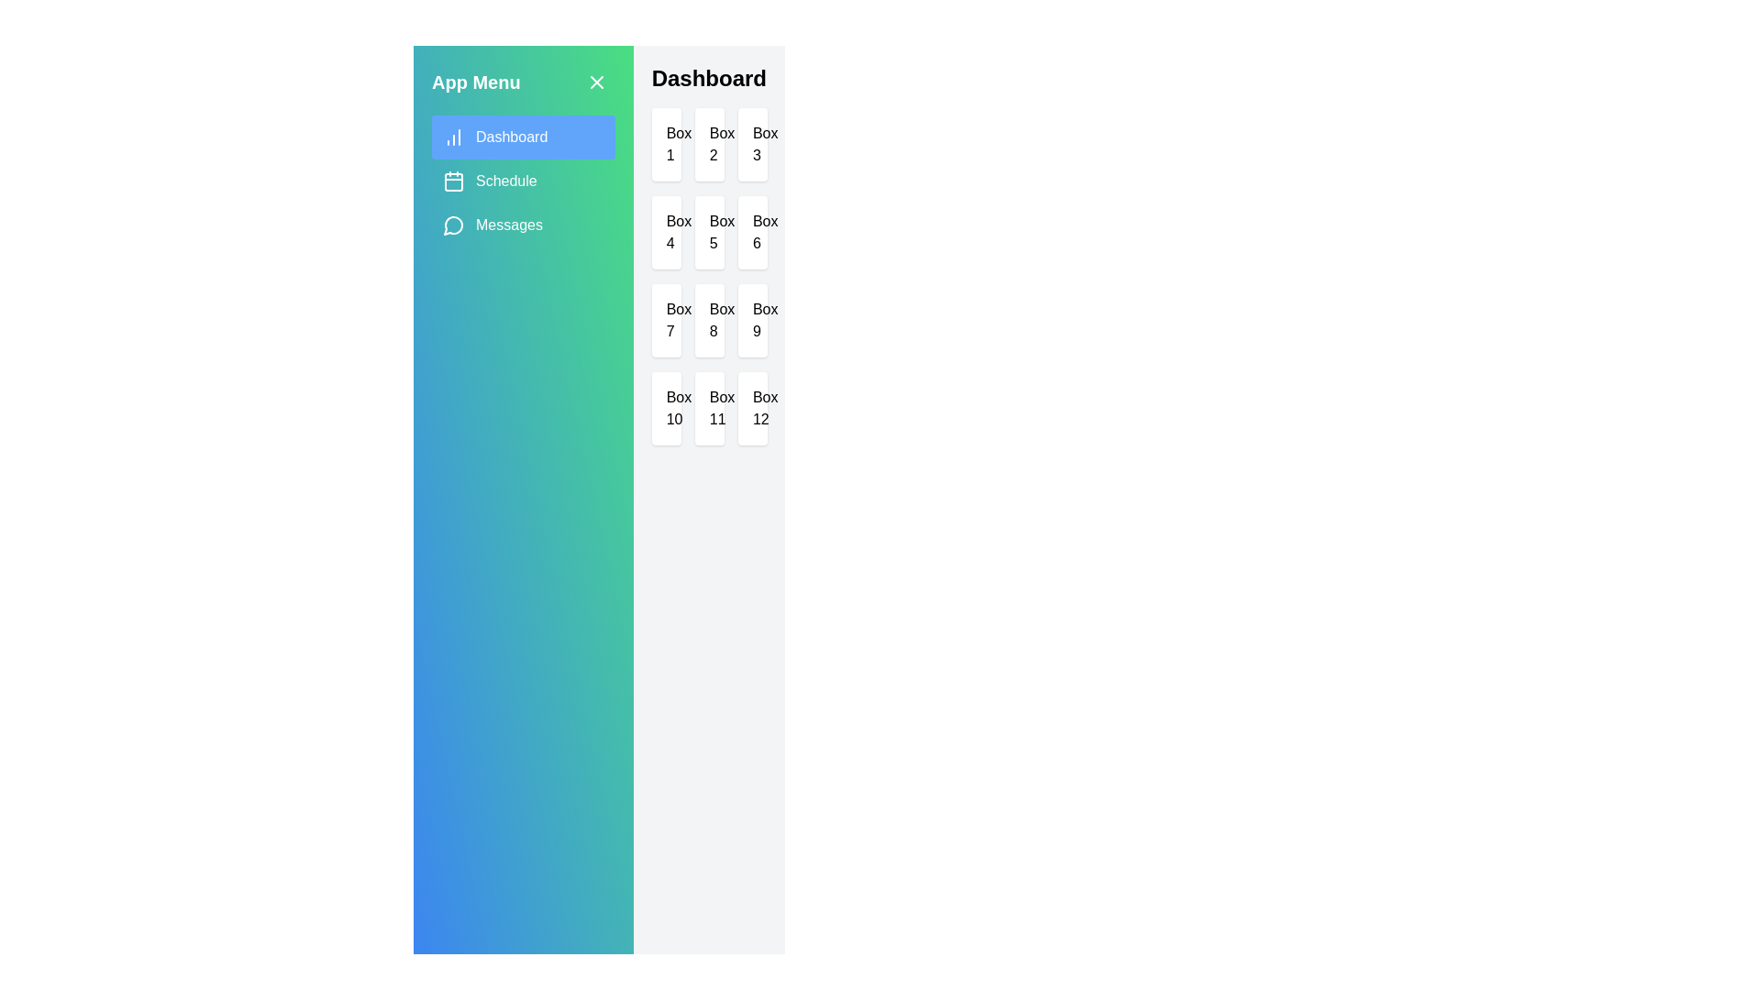 This screenshot has height=990, width=1761. Describe the element at coordinates (522, 181) in the screenshot. I see `the Schedule tab by clicking on its corresponding tab in the sidebar` at that location.